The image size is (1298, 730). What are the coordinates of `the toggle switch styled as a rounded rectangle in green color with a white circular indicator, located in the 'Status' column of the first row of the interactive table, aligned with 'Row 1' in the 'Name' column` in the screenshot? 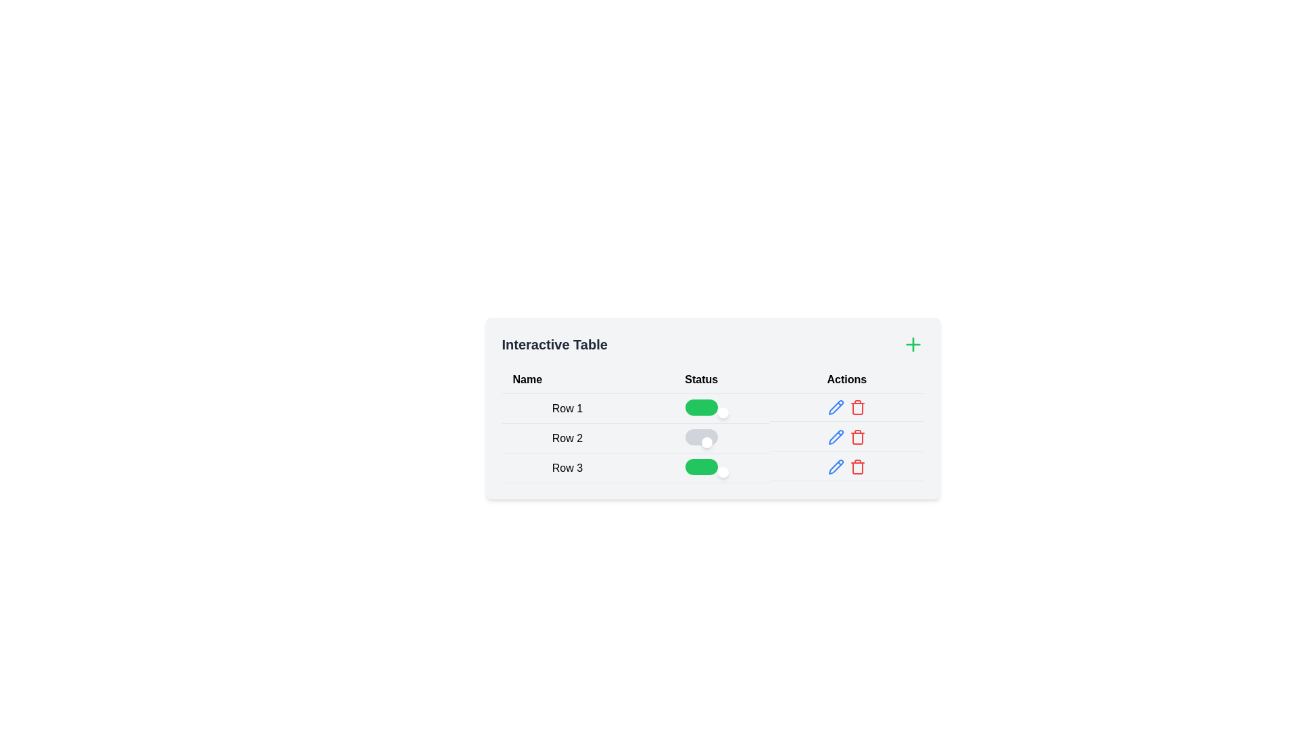 It's located at (701, 406).